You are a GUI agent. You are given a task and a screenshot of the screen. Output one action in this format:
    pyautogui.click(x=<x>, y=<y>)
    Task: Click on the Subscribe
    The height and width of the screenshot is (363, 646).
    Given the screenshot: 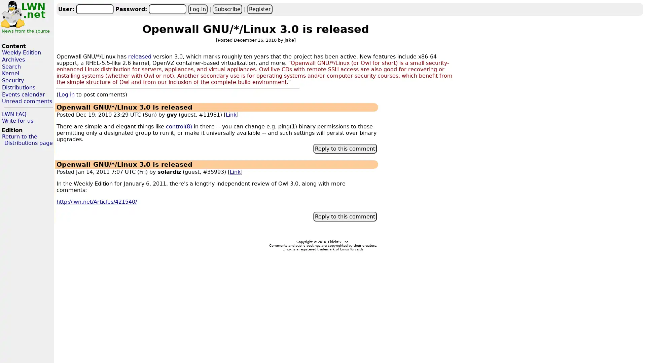 What is the action you would take?
    pyautogui.click(x=227, y=9)
    